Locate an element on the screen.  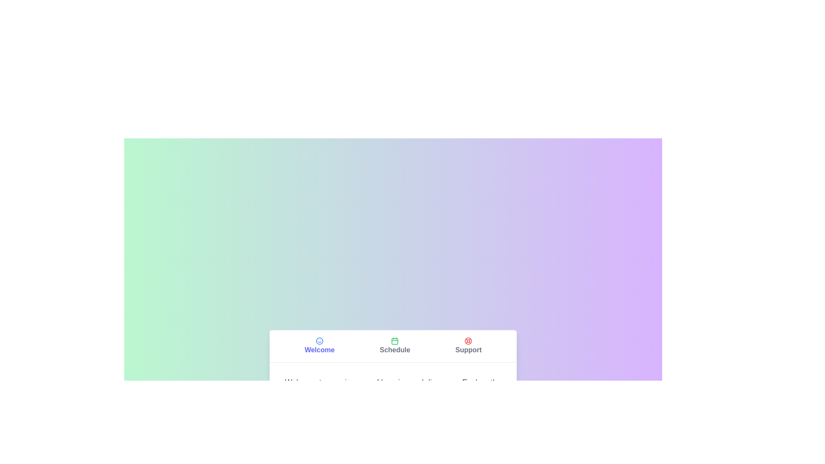
the Schedule tab to view its content is located at coordinates (394, 345).